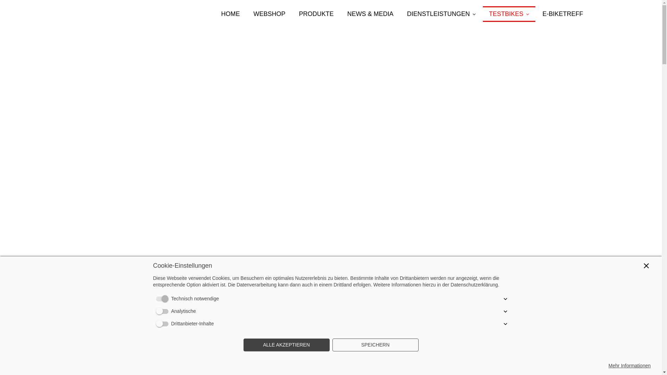 This screenshot has width=667, height=375. What do you see at coordinates (375, 345) in the screenshot?
I see `'SPEICHERN'` at bounding box center [375, 345].